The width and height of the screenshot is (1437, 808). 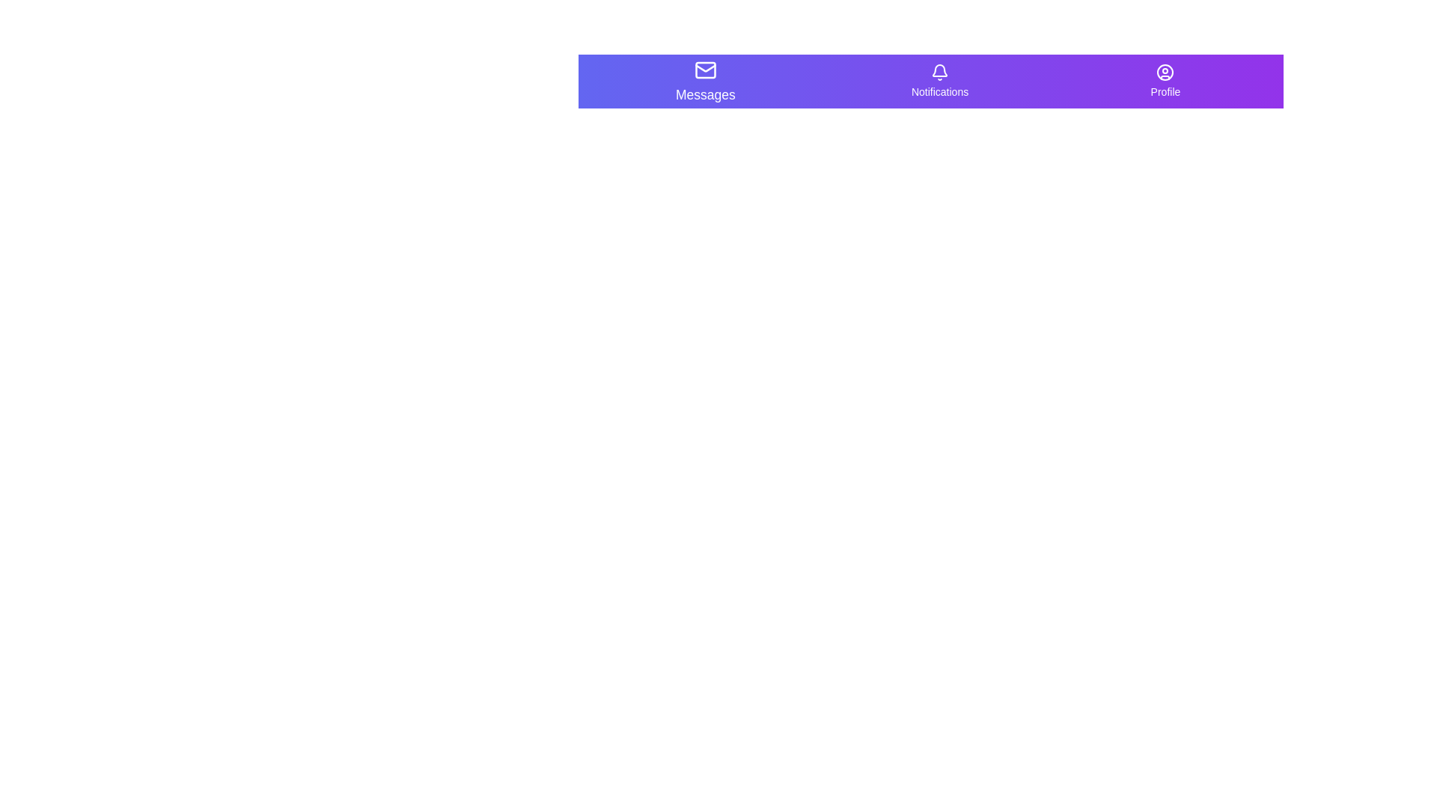 I want to click on the navigation item labeled Notifications to select it, so click(x=939, y=81).